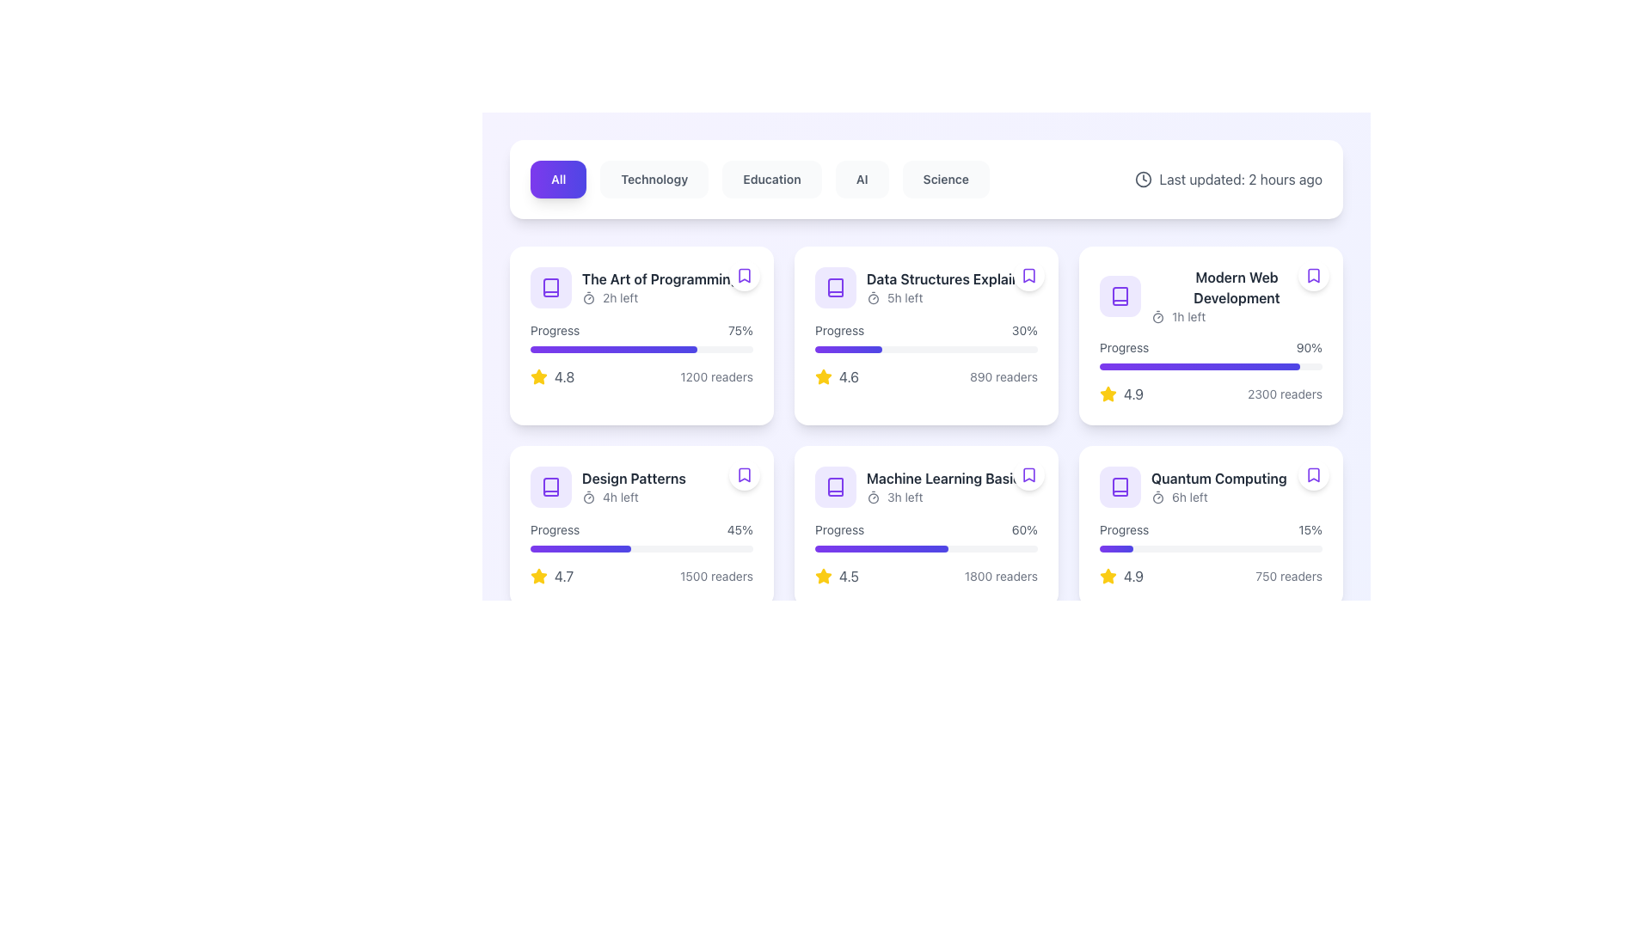  I want to click on the purple stylized book icon representing 'Data Structures Explained' located in the second card of the content grid layout to interact with the item, so click(835, 287).